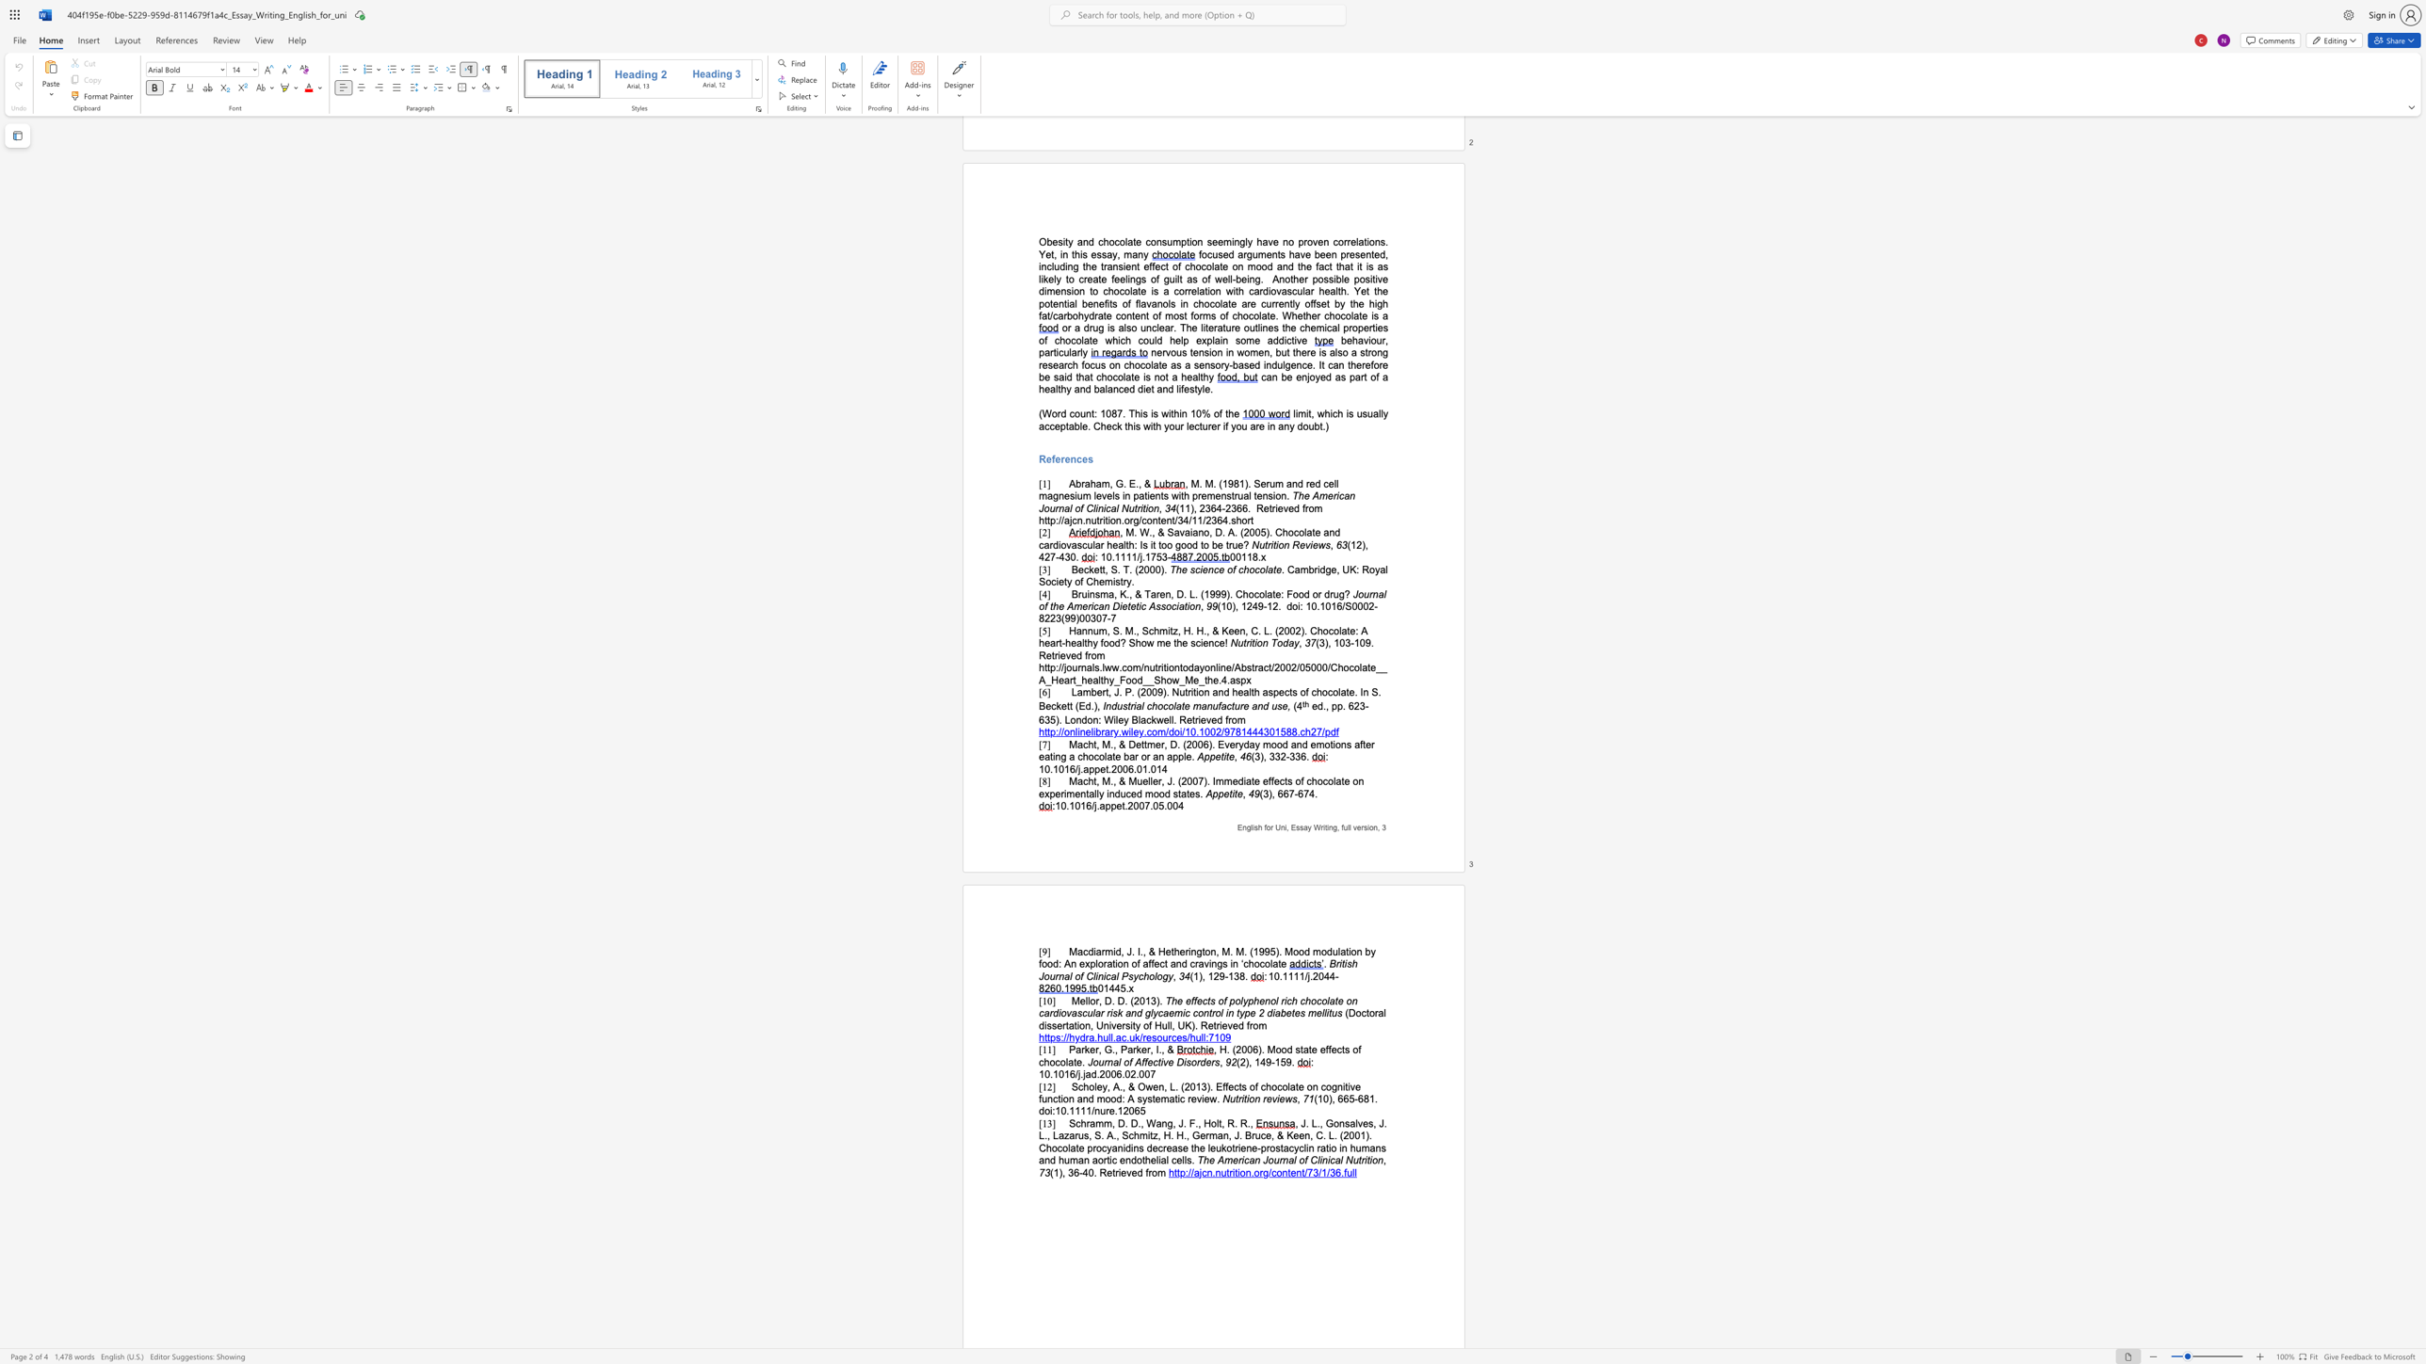  What do you see at coordinates (1286, 1049) in the screenshot?
I see `the subset text "d state eff" within the text ", H. (2006). Mood state effects of chocolate."` at bounding box center [1286, 1049].